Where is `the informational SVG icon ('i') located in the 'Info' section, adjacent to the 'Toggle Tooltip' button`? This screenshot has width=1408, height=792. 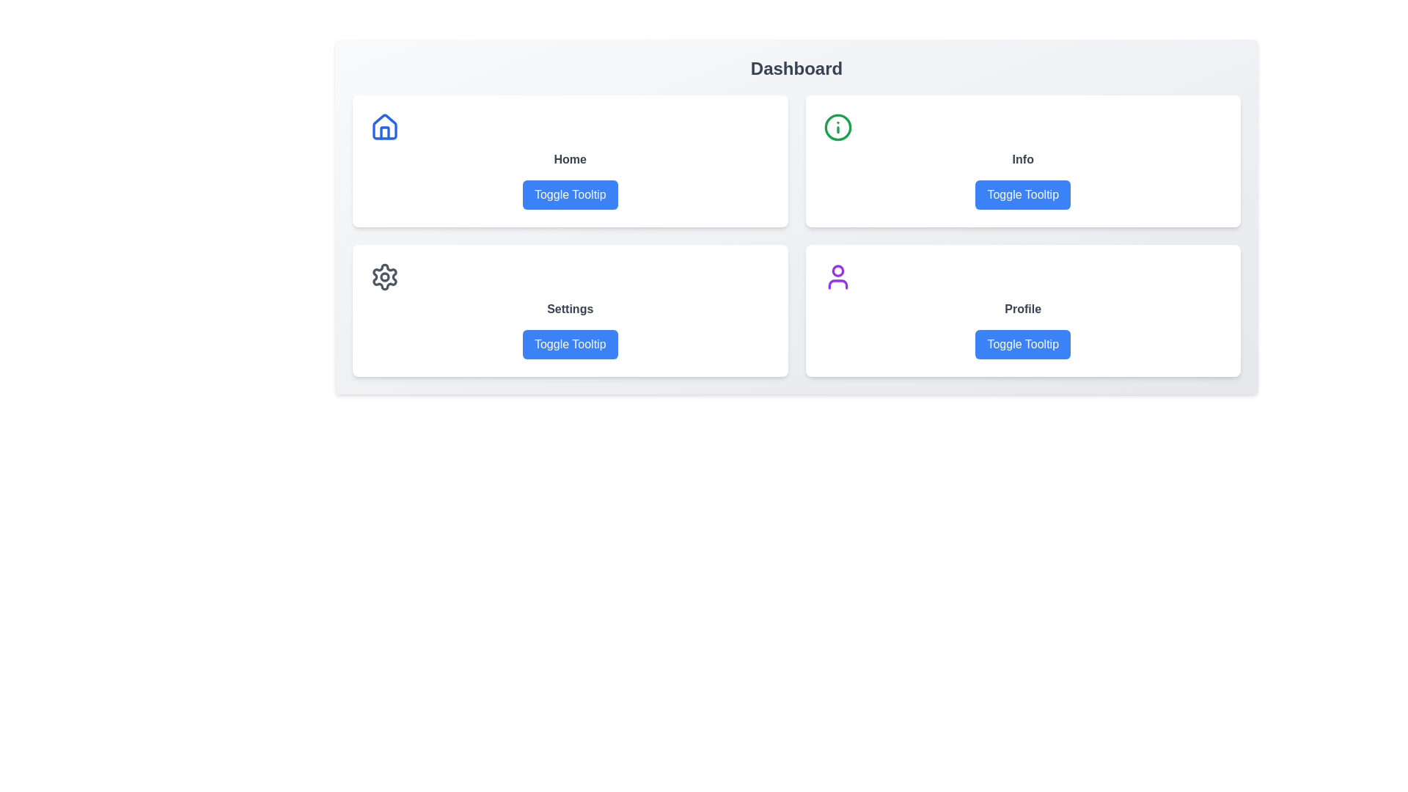
the informational SVG icon ('i') located in the 'Info' section, adjacent to the 'Toggle Tooltip' button is located at coordinates (837, 126).